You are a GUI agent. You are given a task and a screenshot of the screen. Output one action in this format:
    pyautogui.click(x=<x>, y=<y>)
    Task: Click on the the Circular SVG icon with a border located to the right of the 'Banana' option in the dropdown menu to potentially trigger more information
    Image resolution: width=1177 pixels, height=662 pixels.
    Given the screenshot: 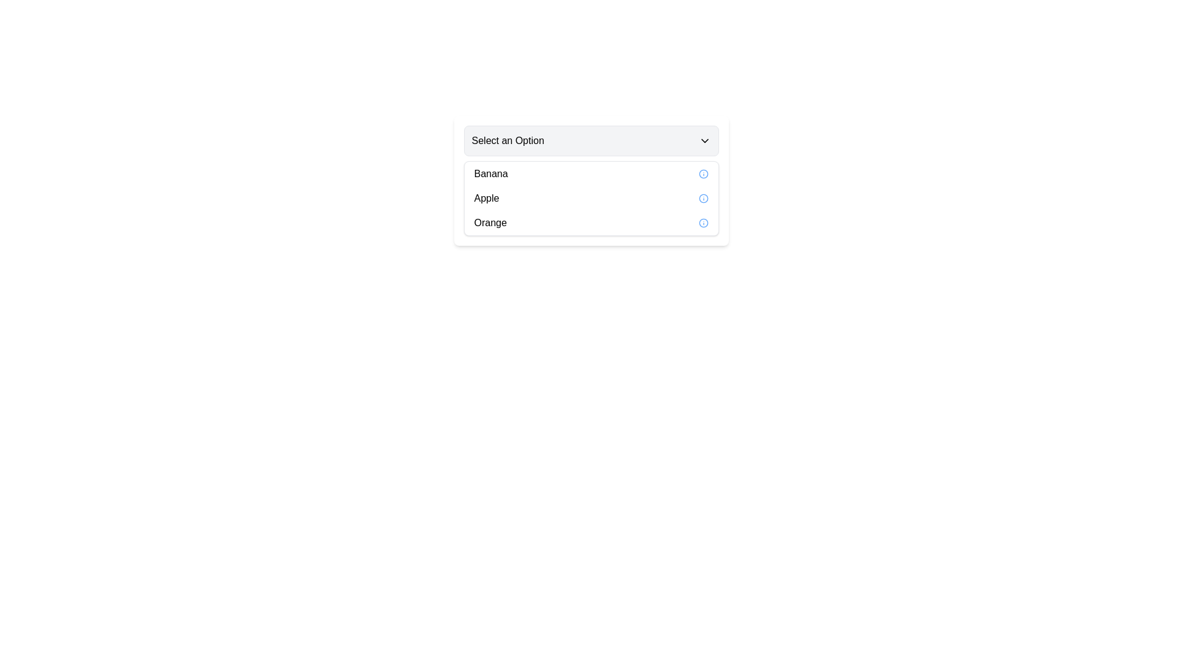 What is the action you would take?
    pyautogui.click(x=703, y=174)
    